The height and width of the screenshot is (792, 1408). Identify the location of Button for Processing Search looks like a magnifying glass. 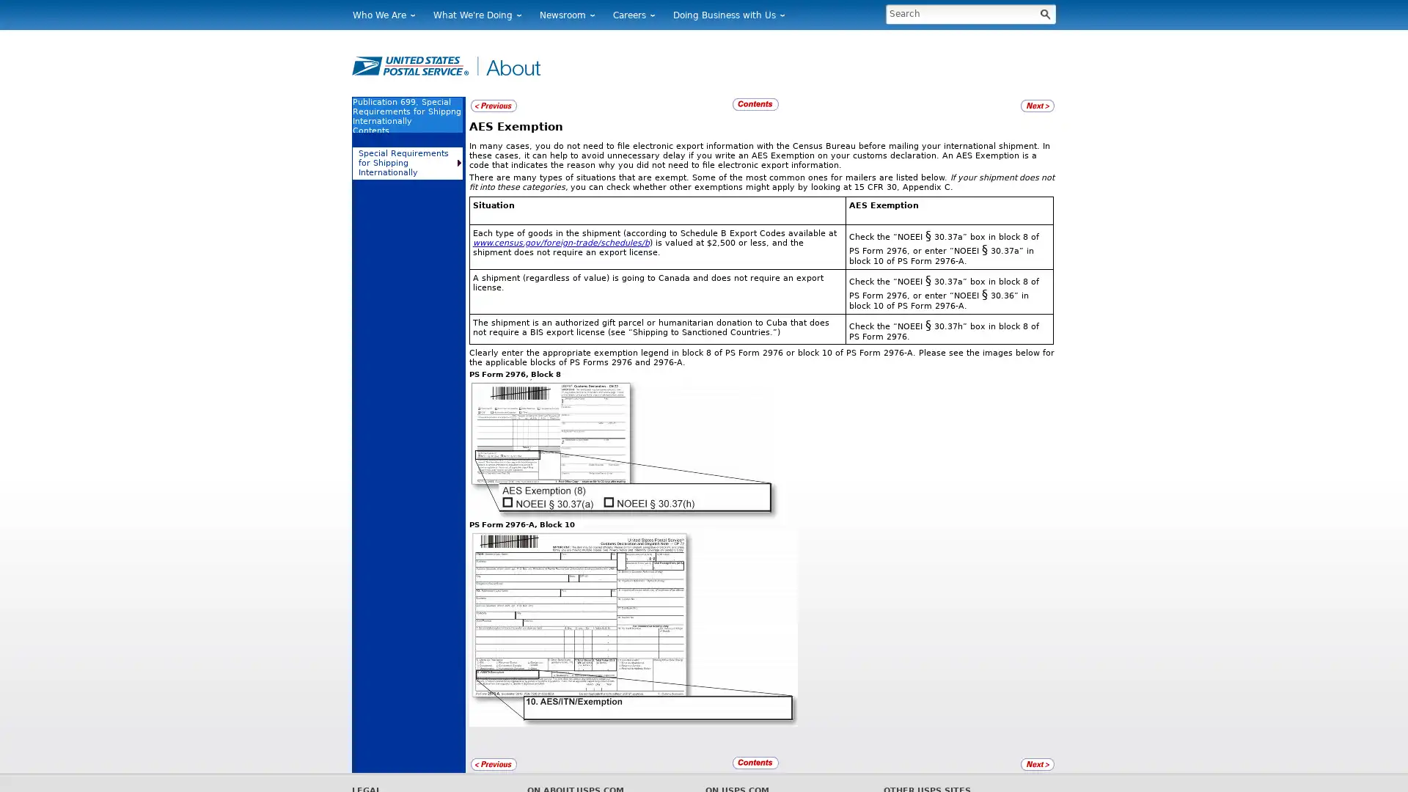
(1044, 14).